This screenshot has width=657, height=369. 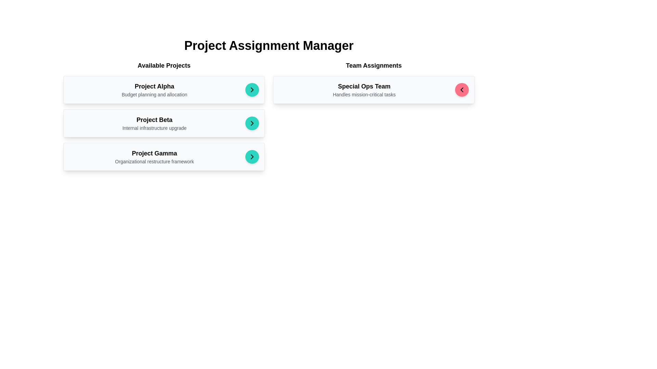 What do you see at coordinates (252, 157) in the screenshot?
I see `the circular button containing the right-facing arrow icon for the 'Project Gamma' item in the 'Available Projects' list` at bounding box center [252, 157].